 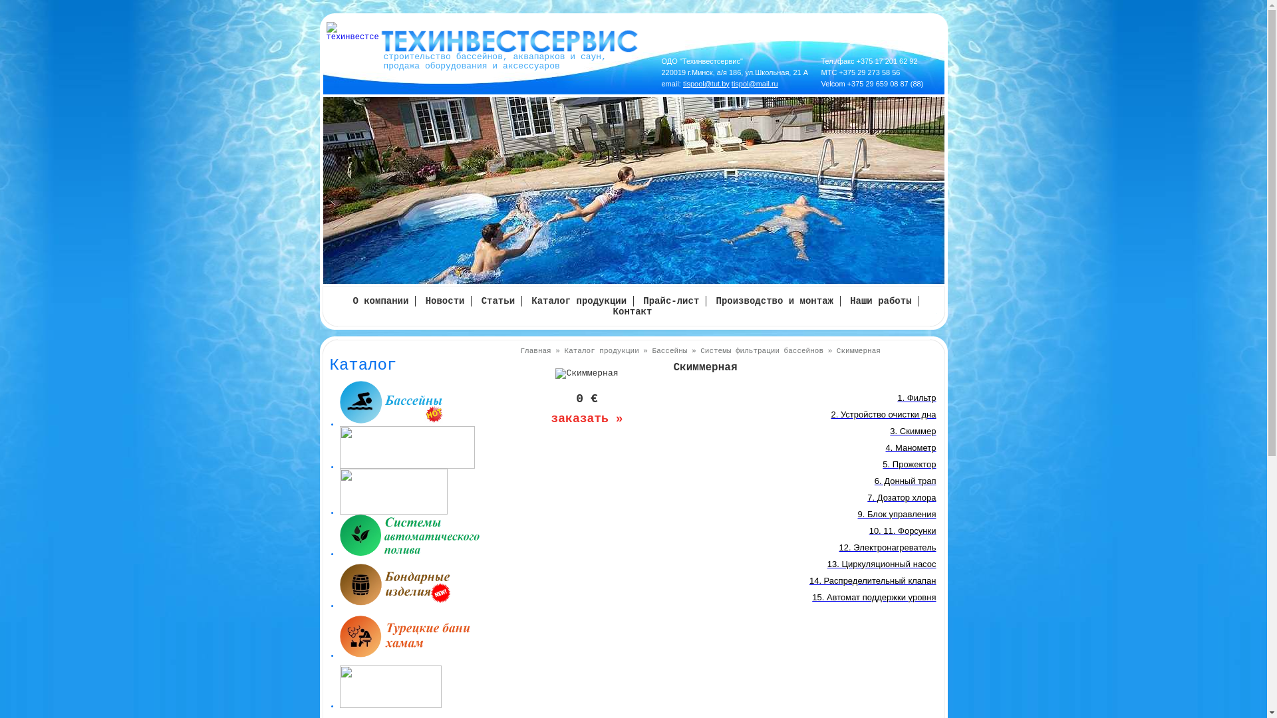 What do you see at coordinates (705, 84) in the screenshot?
I see `'tispool@tut.by'` at bounding box center [705, 84].